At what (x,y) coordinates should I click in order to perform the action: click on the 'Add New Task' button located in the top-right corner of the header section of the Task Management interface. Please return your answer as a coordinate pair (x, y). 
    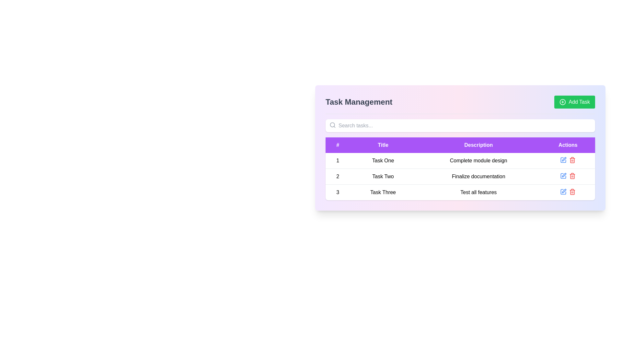
    Looking at the image, I should click on (575, 102).